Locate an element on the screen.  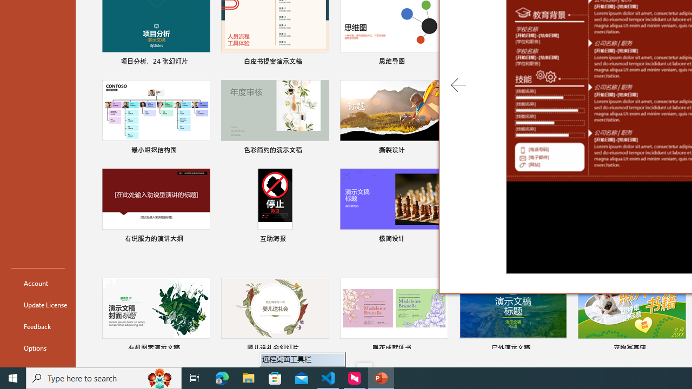
'Microsoft Store' is located at coordinates (275, 377).